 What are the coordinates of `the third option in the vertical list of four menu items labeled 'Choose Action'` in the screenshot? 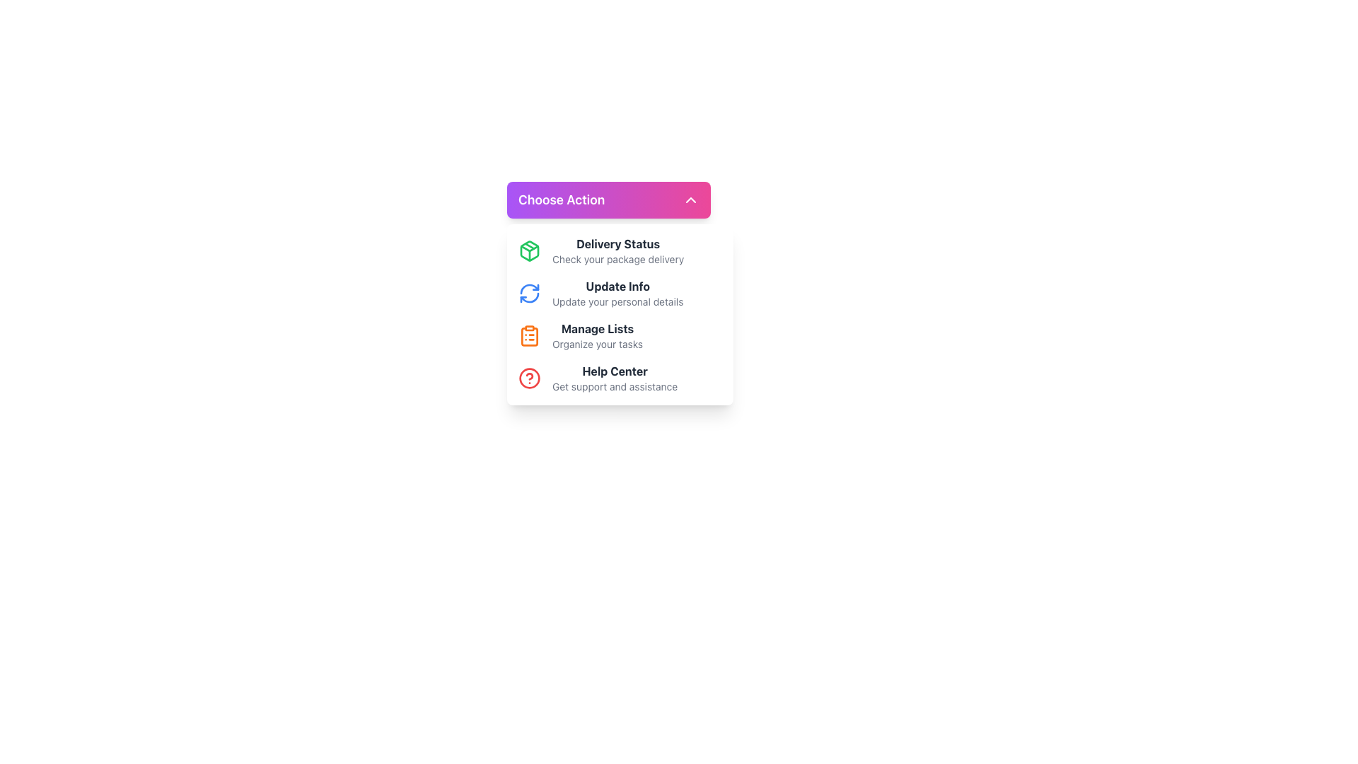 It's located at (620, 335).